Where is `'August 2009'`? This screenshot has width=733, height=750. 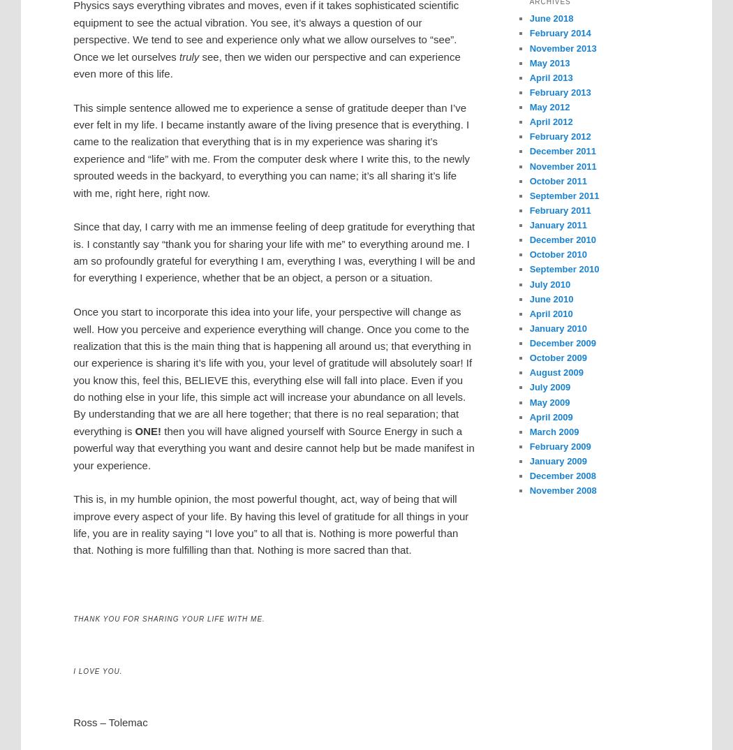
'August 2009' is located at coordinates (555, 372).